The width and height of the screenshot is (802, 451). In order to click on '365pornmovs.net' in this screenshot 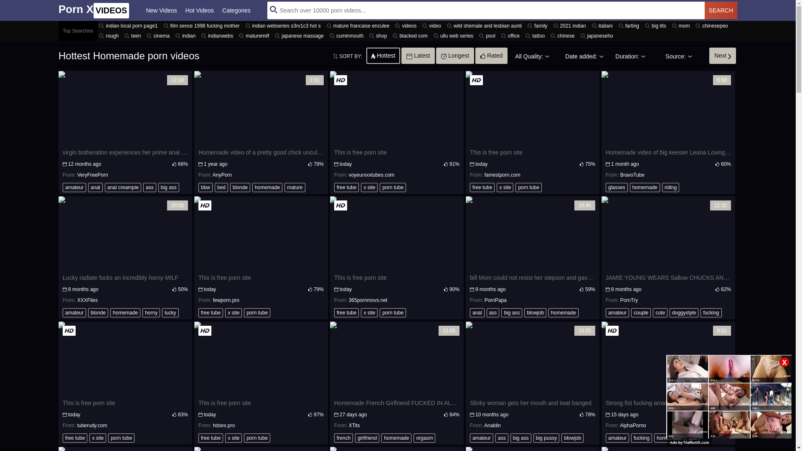, I will do `click(368, 299)`.